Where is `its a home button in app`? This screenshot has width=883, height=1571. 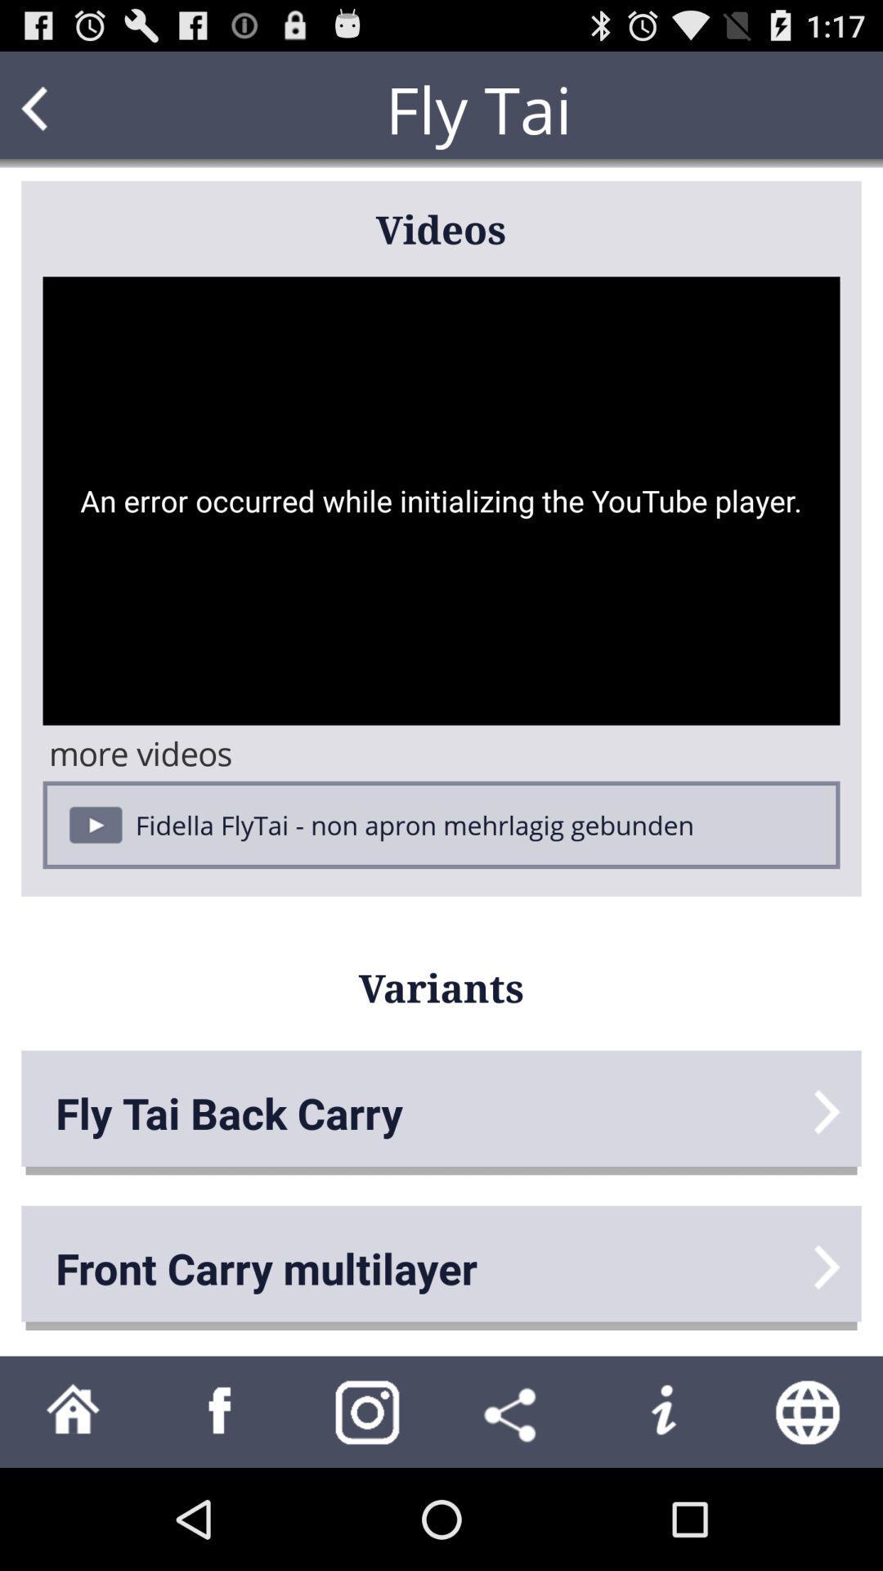 its a home button in app is located at coordinates (72, 1411).